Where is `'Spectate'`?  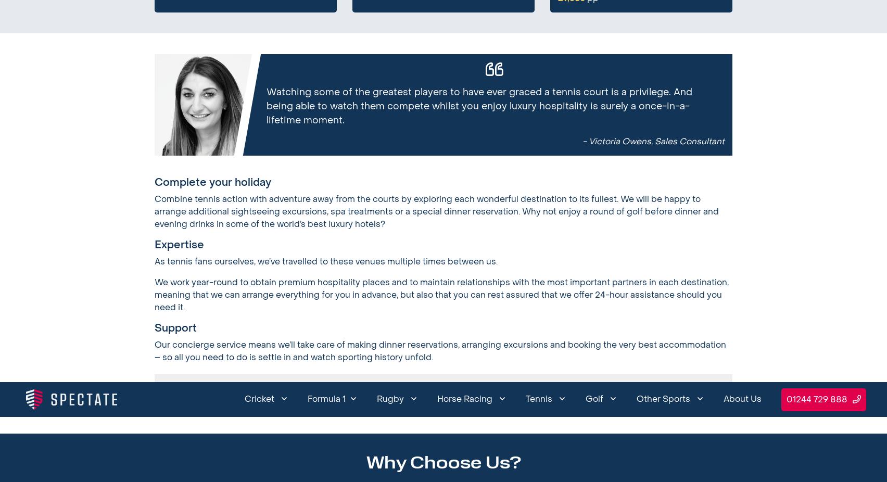
'Spectate' is located at coordinates (519, 73).